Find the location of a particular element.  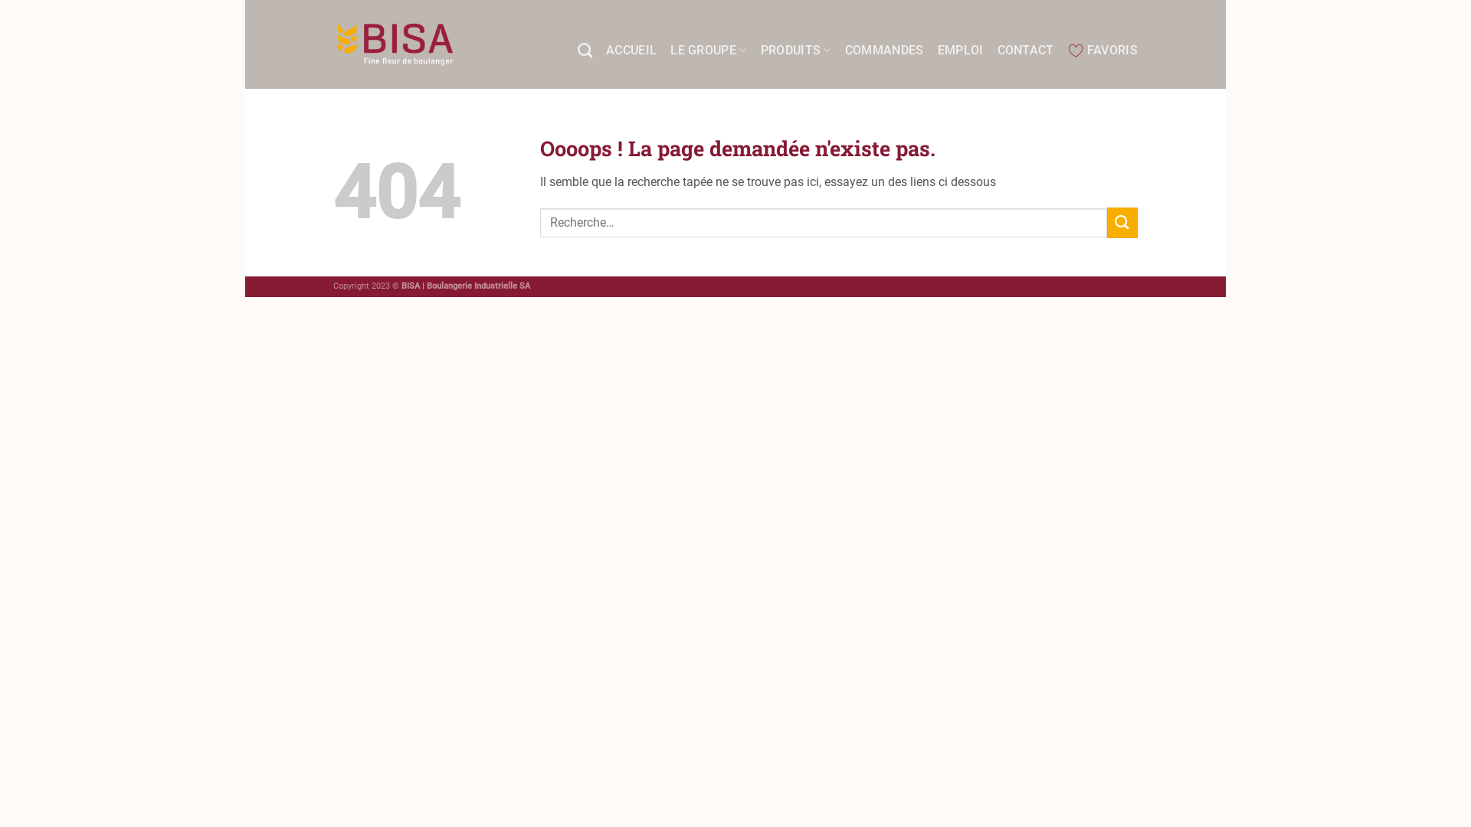

'FAVORIS' is located at coordinates (1102, 49).